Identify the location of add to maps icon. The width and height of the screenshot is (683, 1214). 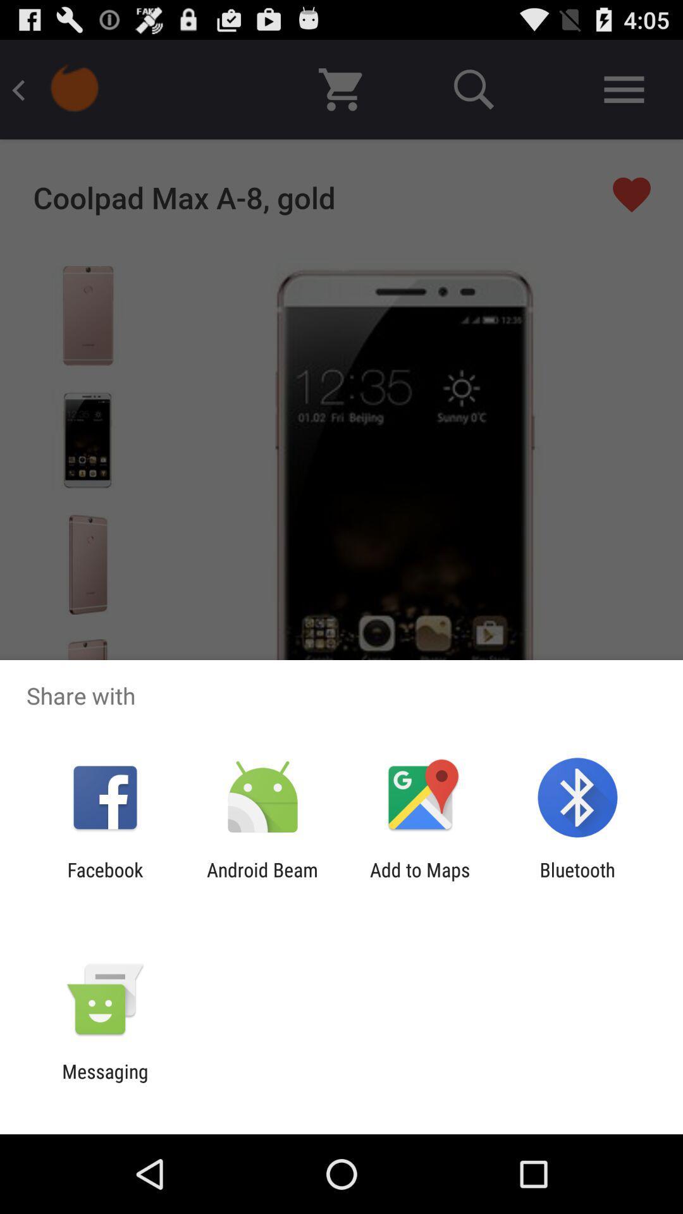
(420, 880).